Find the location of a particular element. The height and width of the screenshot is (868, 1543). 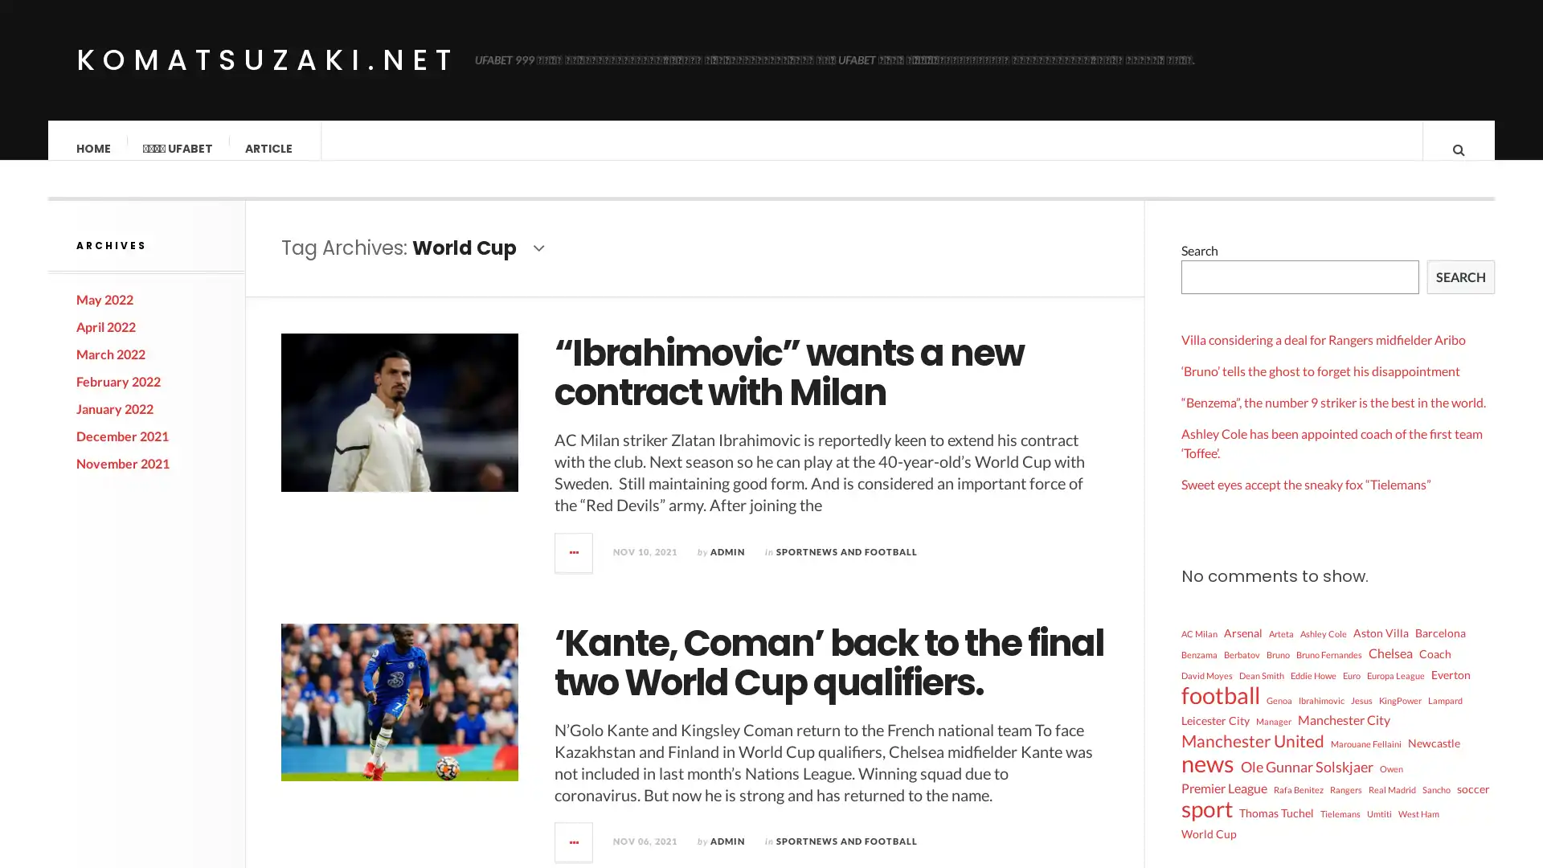

SEARCH is located at coordinates (1461, 293).